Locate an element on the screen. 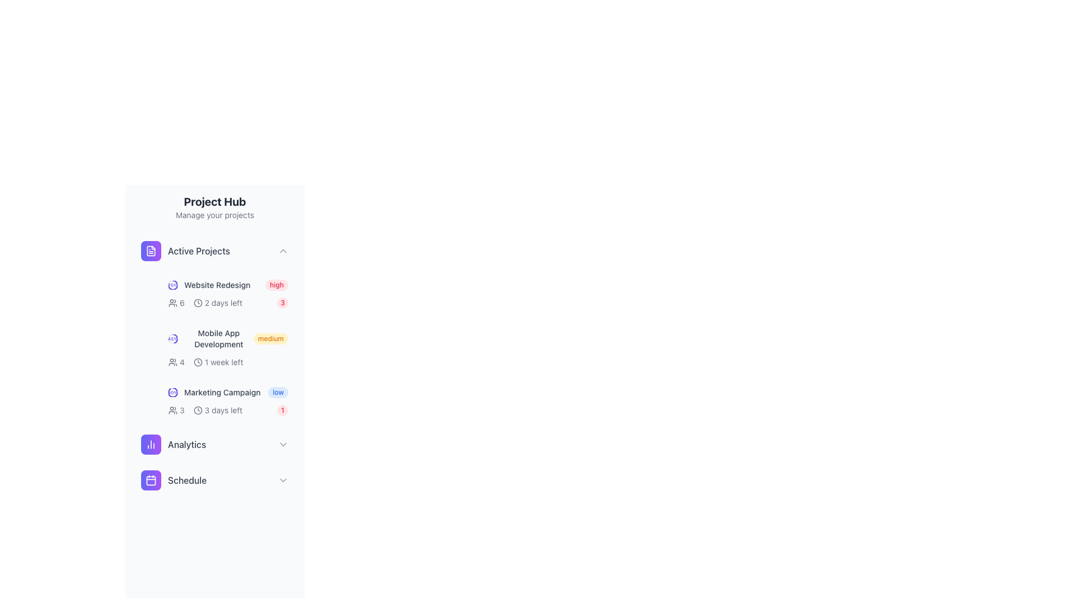 This screenshot has height=604, width=1075. the small text label displaying the number '3', which is located in the bottom right of the entry row for the 'Website Redesign' project, next to a clock icon is located at coordinates (182, 410).